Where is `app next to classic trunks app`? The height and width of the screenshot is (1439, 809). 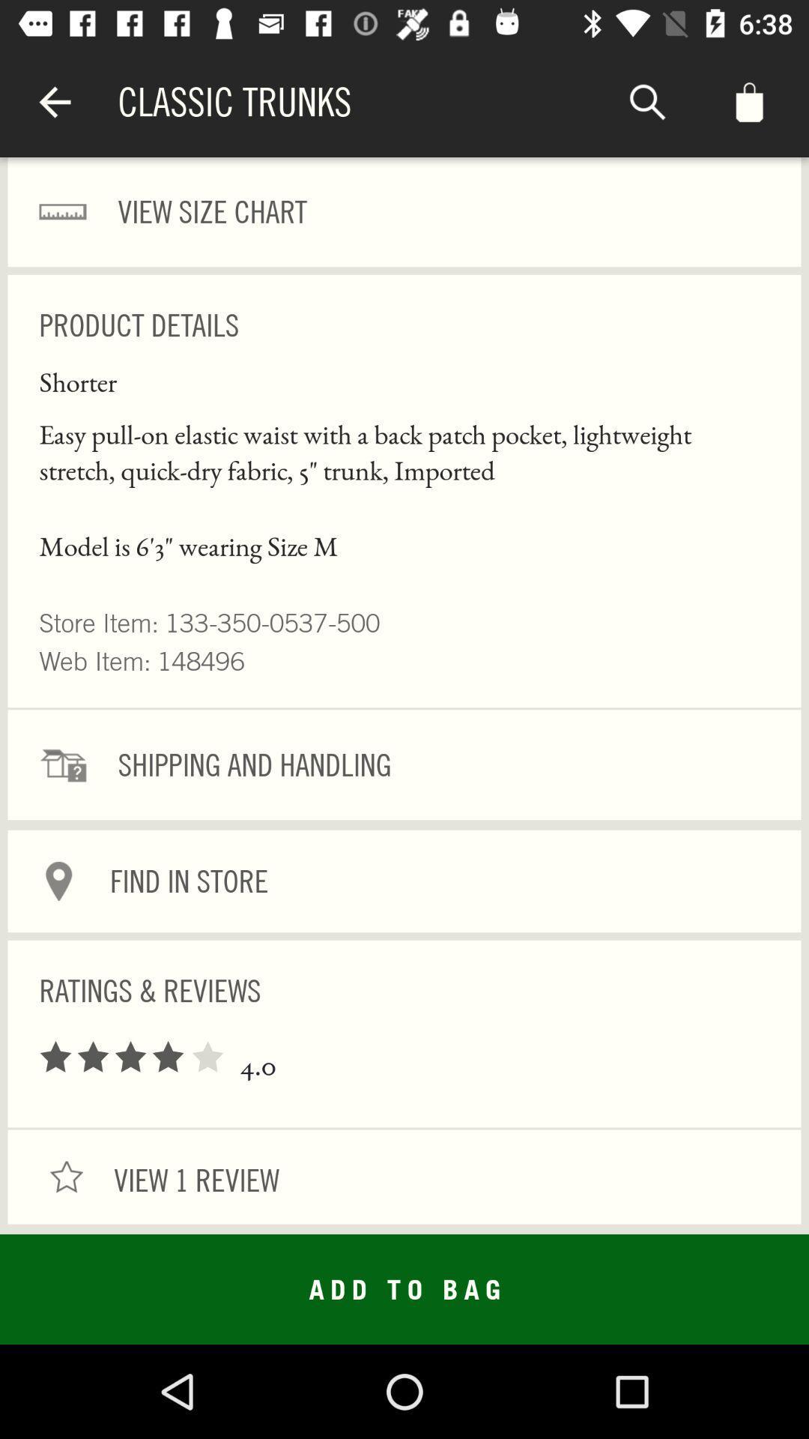 app next to classic trunks app is located at coordinates (54, 101).